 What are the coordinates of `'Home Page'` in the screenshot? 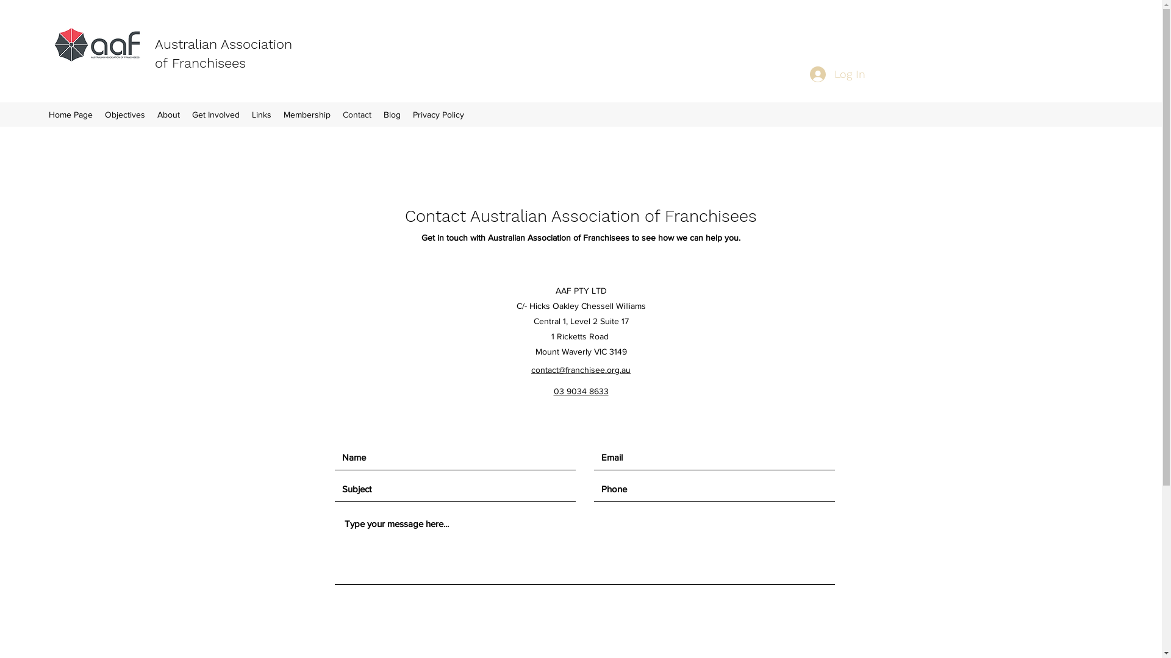 It's located at (43, 115).